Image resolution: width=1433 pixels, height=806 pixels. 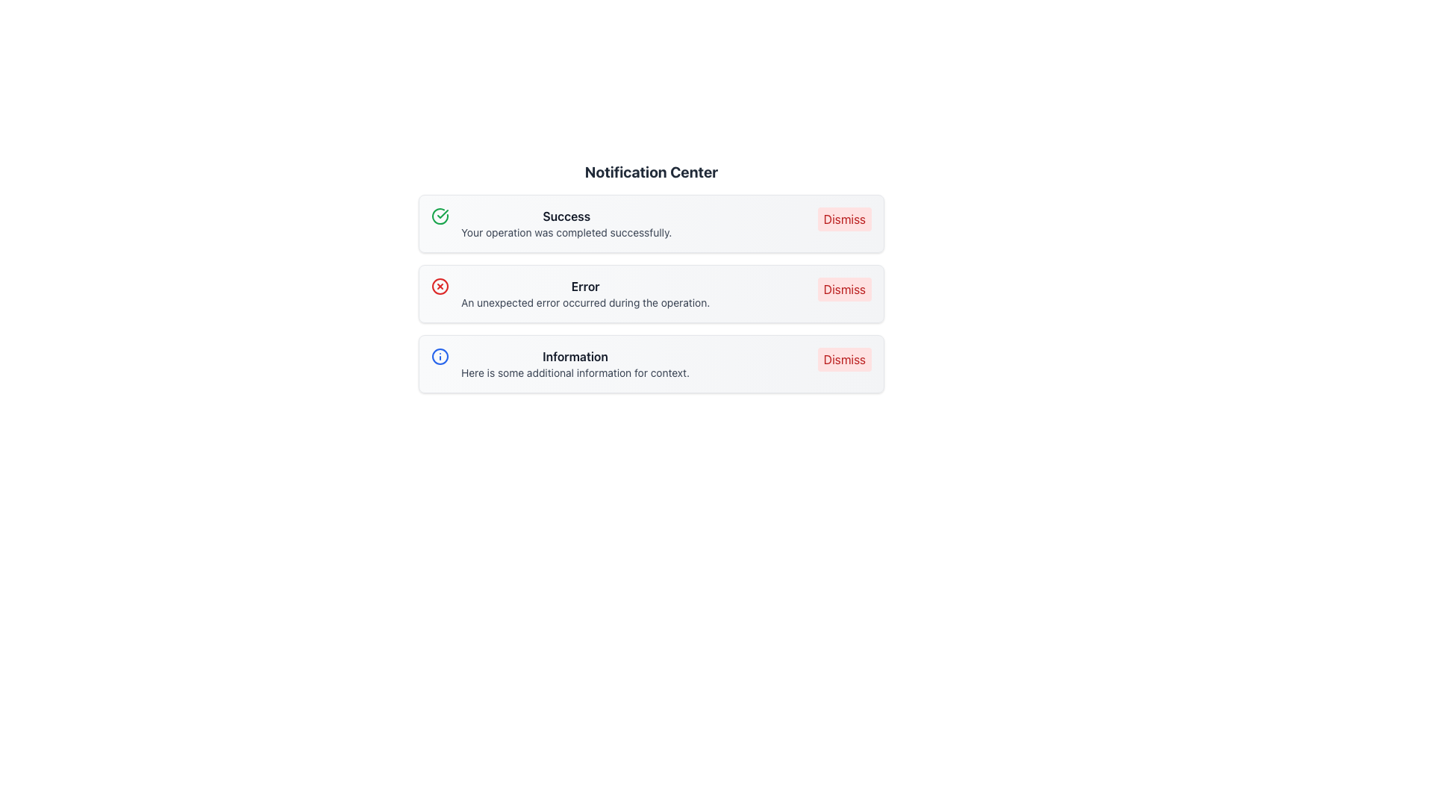 What do you see at coordinates (442, 213) in the screenshot?
I see `the green checkmark icon located inside the first notification card in the 'Notification Center' section, which is aligned to the left of the notification message` at bounding box center [442, 213].